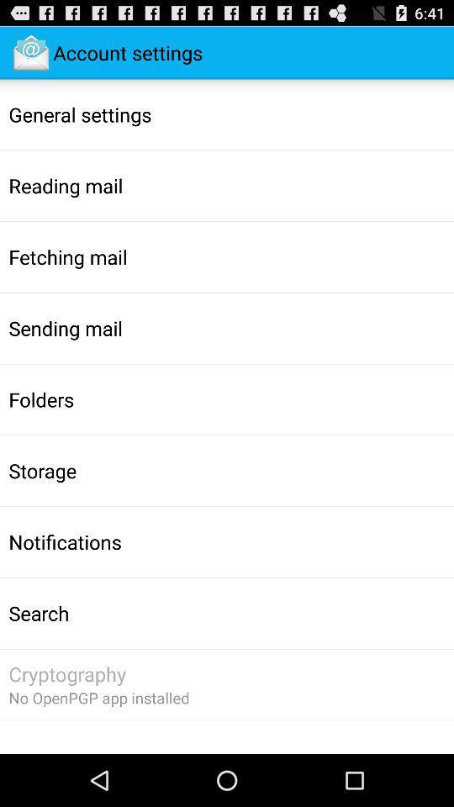 This screenshot has height=807, width=454. I want to click on the general settings, so click(79, 113).